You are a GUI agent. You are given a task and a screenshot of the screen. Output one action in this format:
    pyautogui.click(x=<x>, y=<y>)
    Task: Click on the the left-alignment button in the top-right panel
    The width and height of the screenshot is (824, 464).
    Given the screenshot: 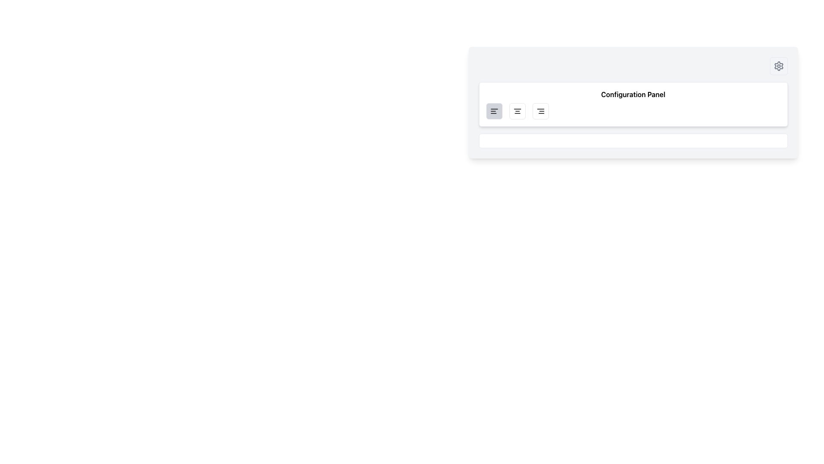 What is the action you would take?
    pyautogui.click(x=494, y=110)
    